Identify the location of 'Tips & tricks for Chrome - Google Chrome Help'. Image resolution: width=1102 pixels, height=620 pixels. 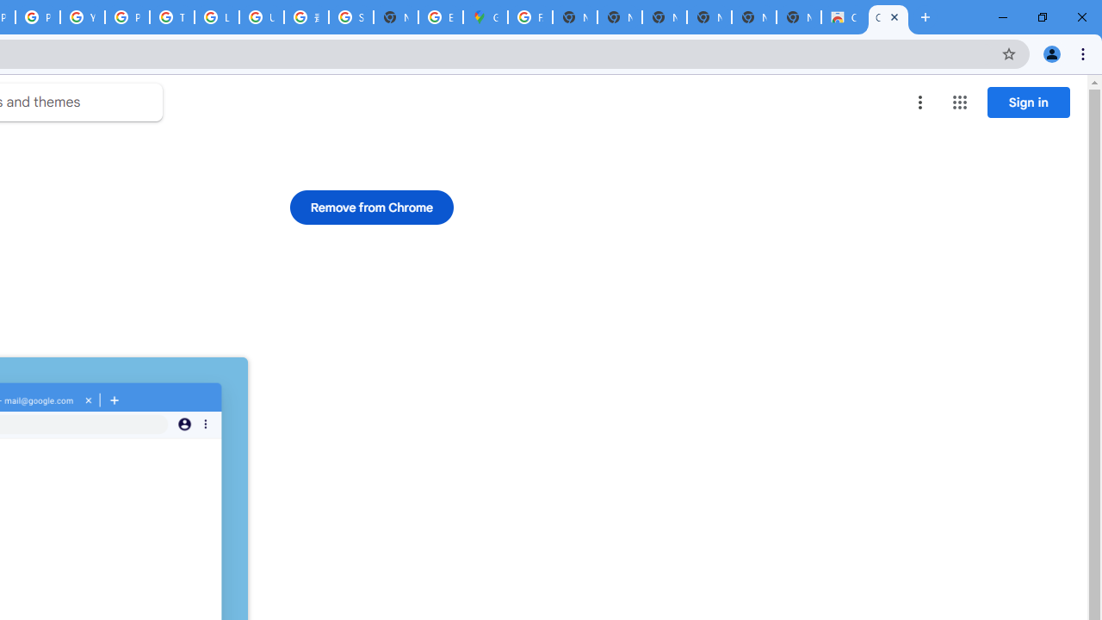
(172, 17).